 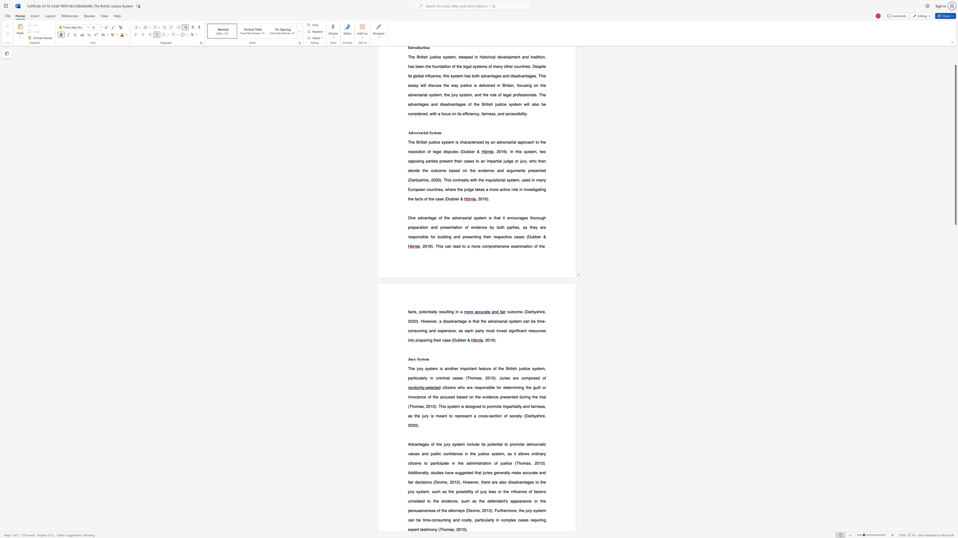 What do you see at coordinates (536, 510) in the screenshot?
I see `the 7th character "y" in the text` at bounding box center [536, 510].